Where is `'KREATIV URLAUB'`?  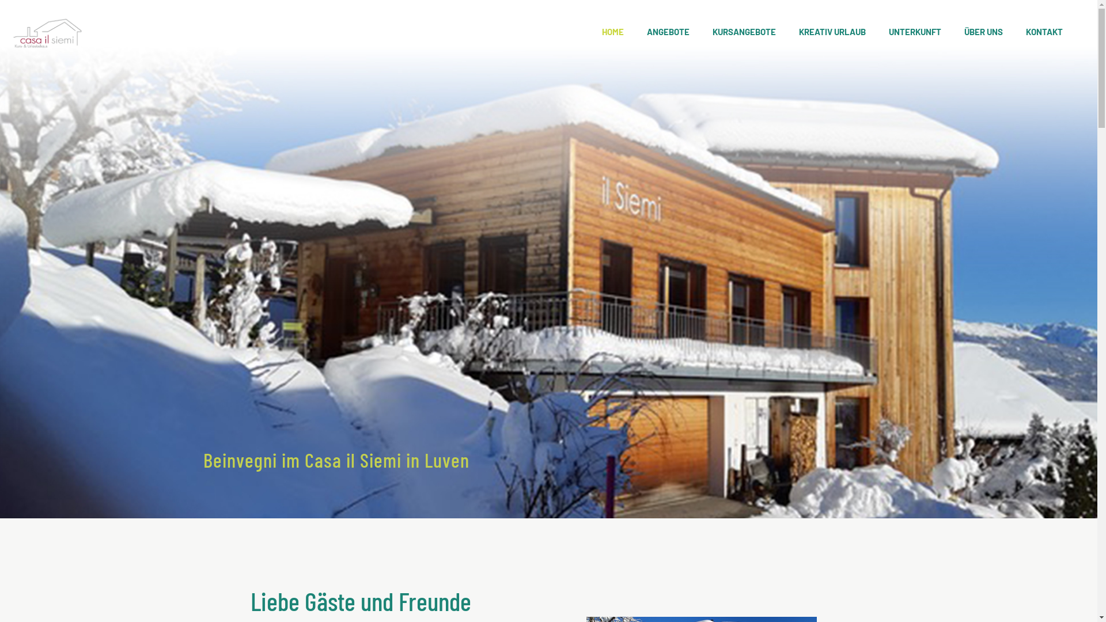 'KREATIV URLAUB' is located at coordinates (832, 31).